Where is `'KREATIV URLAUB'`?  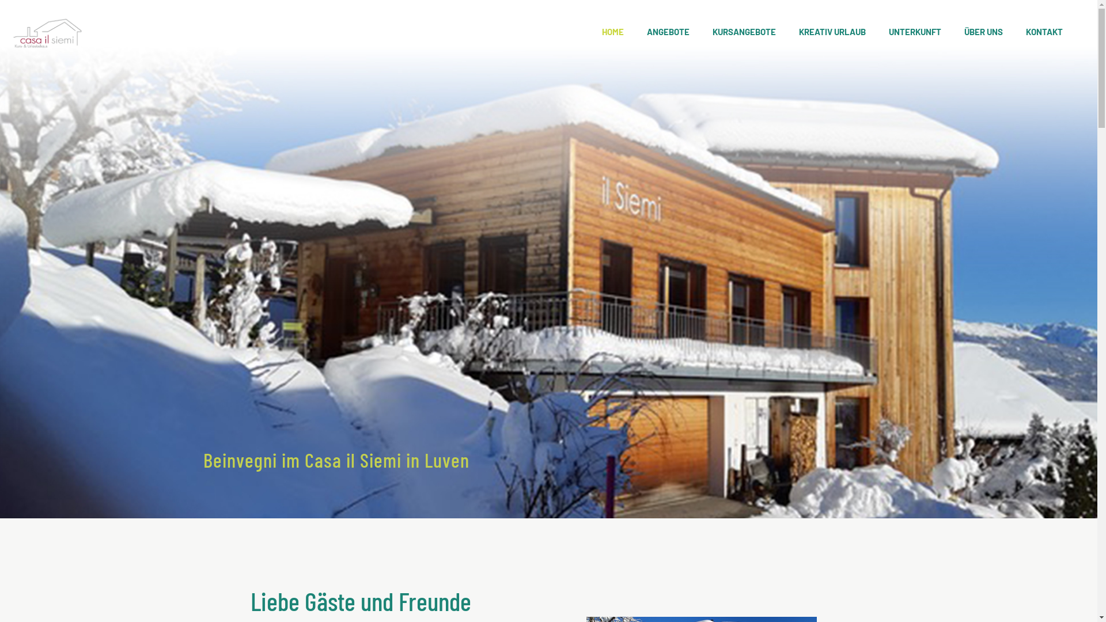 'KREATIV URLAUB' is located at coordinates (832, 31).